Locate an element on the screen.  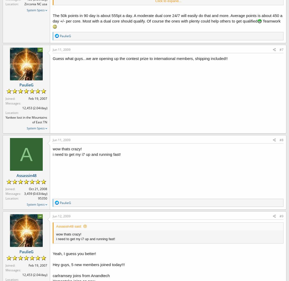
'Hey guys, 5 new members joined today!!!' is located at coordinates (88, 264).